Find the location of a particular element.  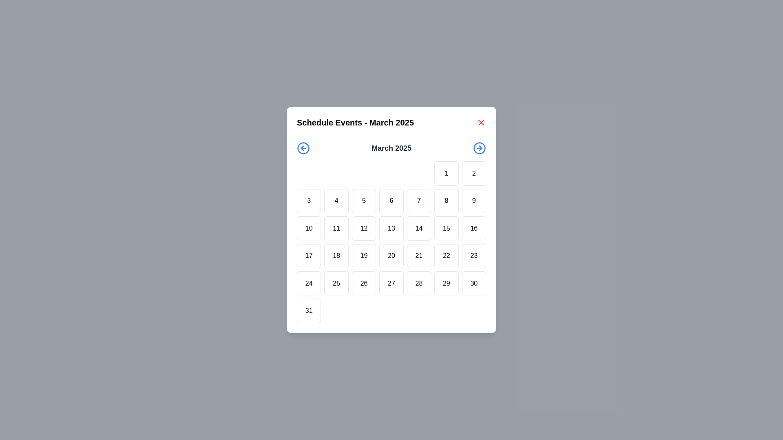

the square button with a white background and the number '17' in bold black text, located in the middle row, fifth column of the calendar view for March 2025 is located at coordinates (308, 255).